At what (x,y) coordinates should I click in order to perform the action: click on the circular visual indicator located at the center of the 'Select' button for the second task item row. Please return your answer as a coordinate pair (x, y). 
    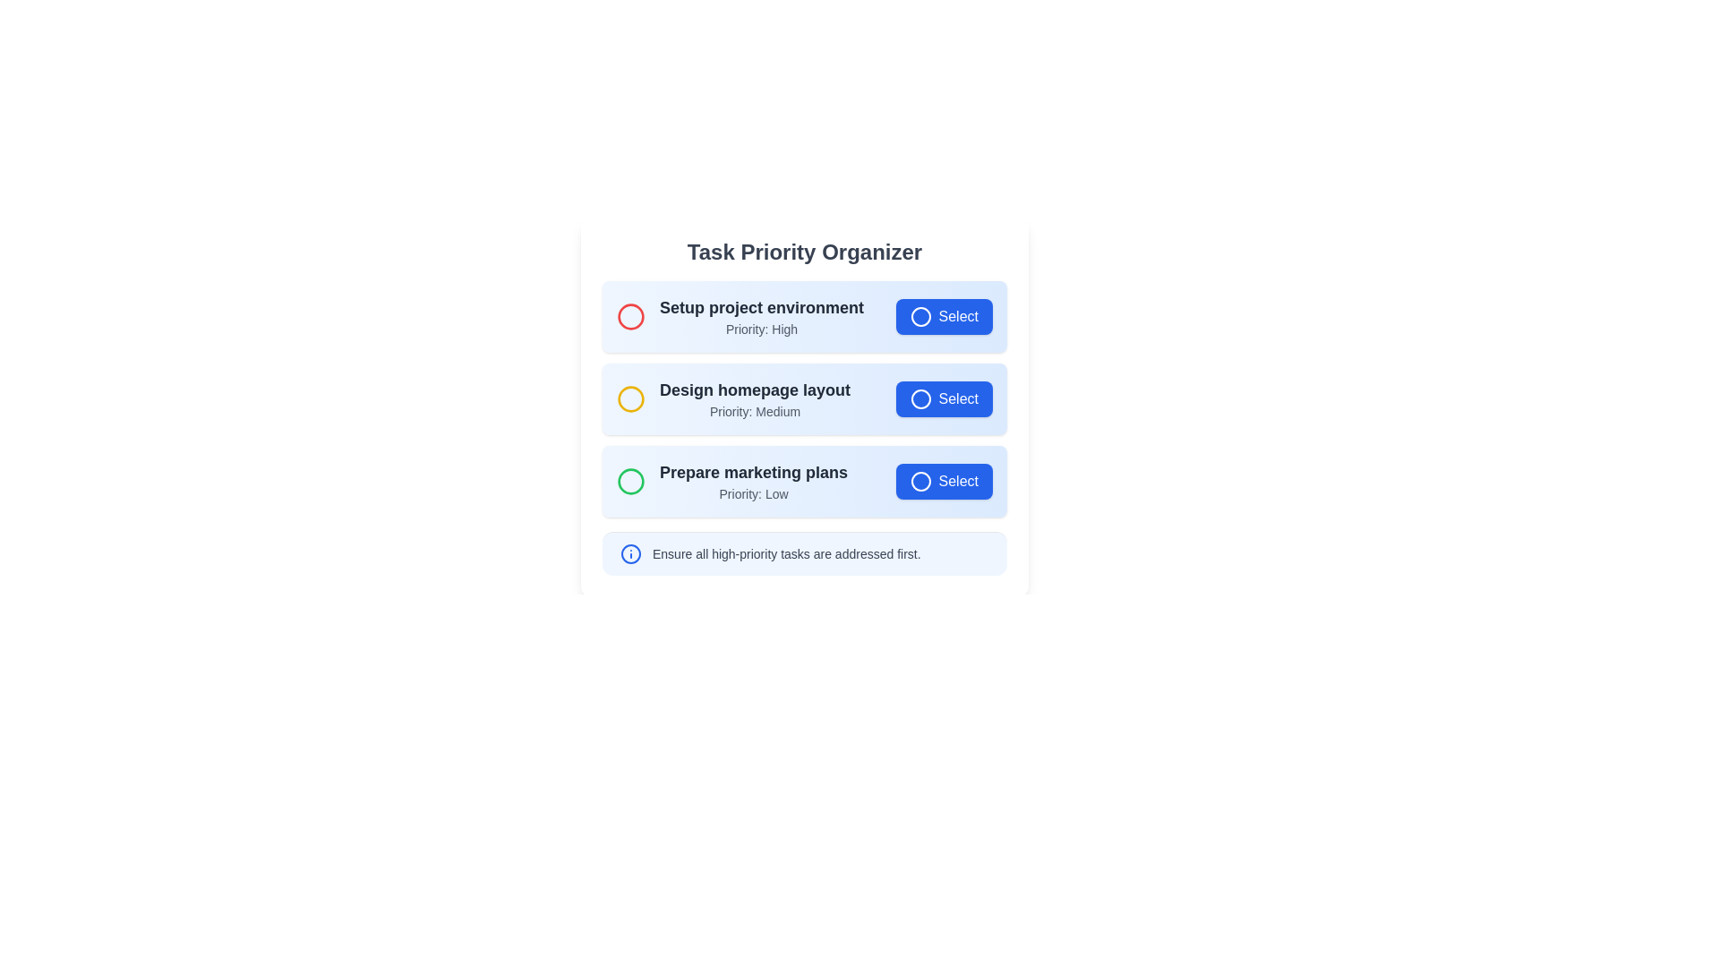
    Looking at the image, I should click on (920, 398).